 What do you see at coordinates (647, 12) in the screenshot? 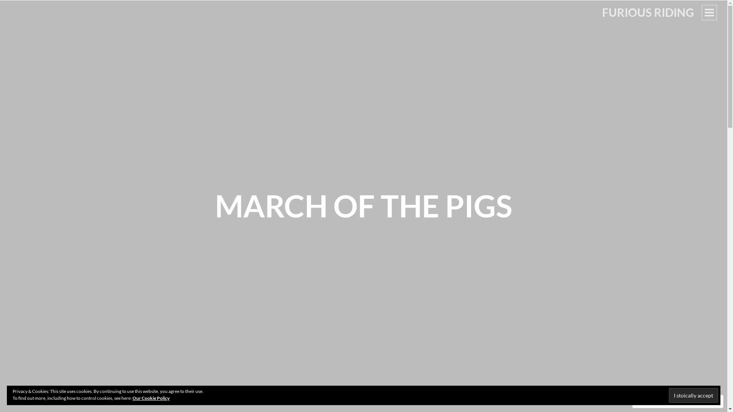
I see `'FURIOUS RIDING'` at bounding box center [647, 12].